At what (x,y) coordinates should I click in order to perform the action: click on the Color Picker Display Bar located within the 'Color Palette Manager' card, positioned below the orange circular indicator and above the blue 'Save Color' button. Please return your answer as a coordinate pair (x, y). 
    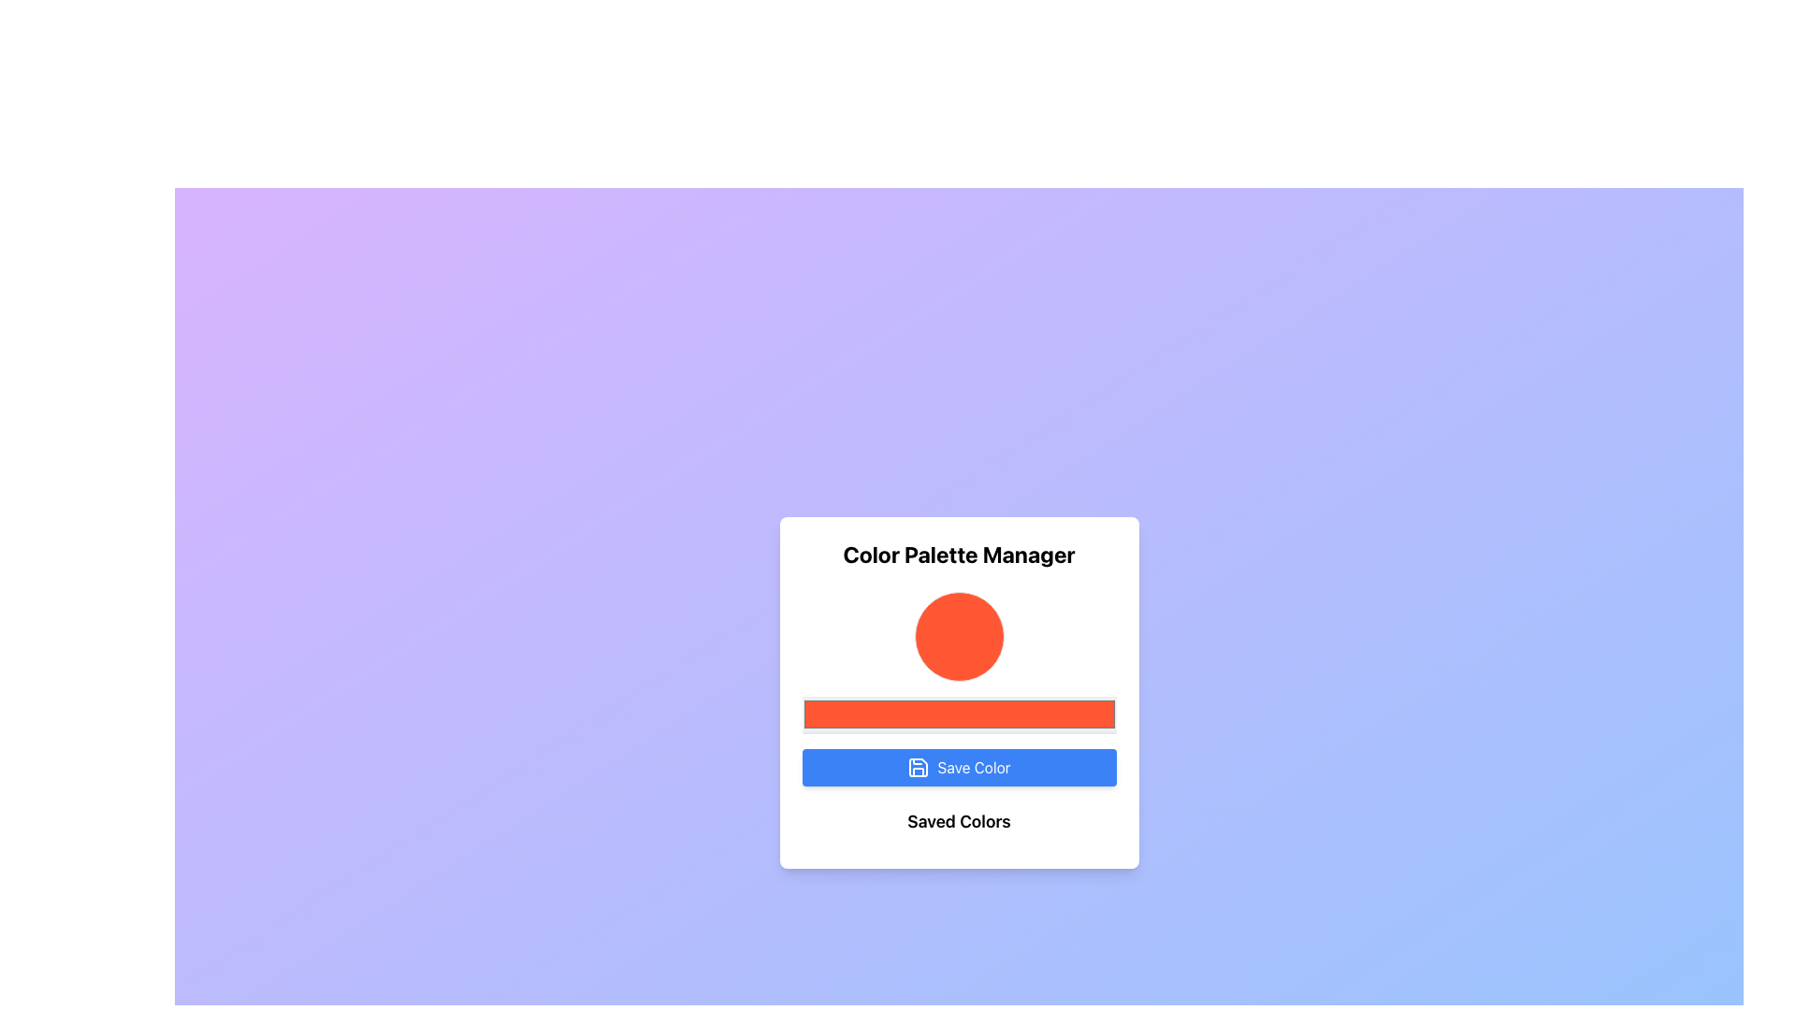
    Looking at the image, I should click on (959, 692).